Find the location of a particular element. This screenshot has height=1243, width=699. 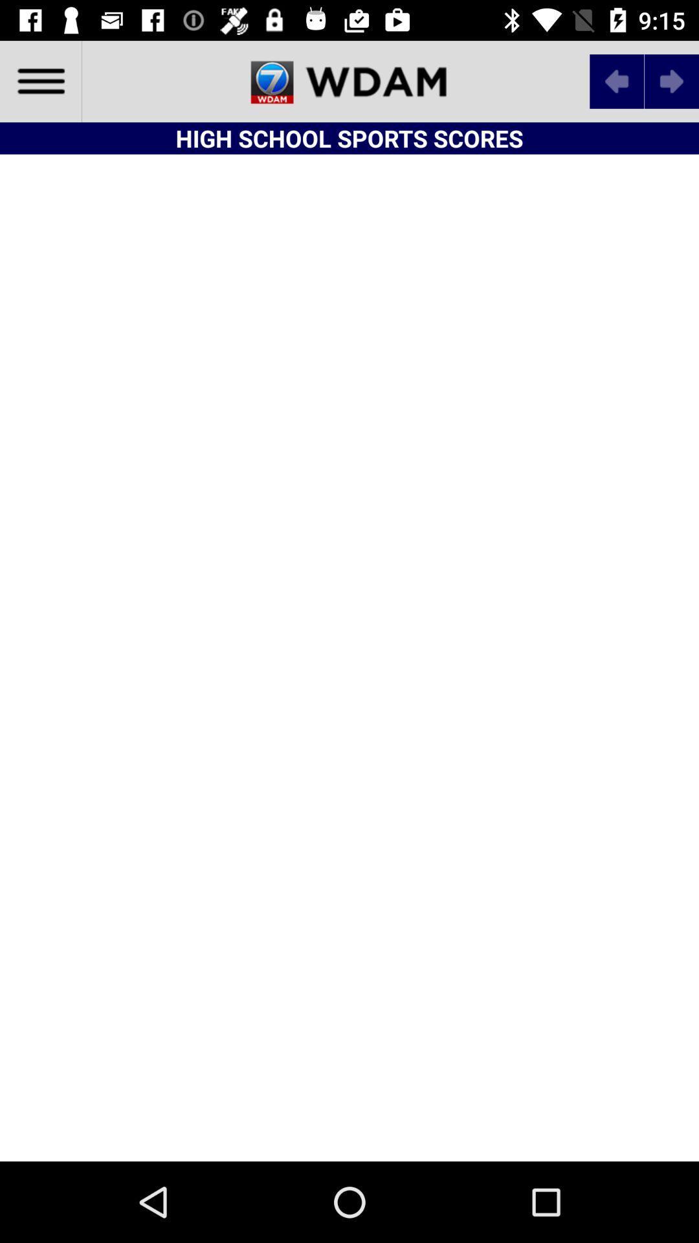

the arrow_forward icon is located at coordinates (671, 80).